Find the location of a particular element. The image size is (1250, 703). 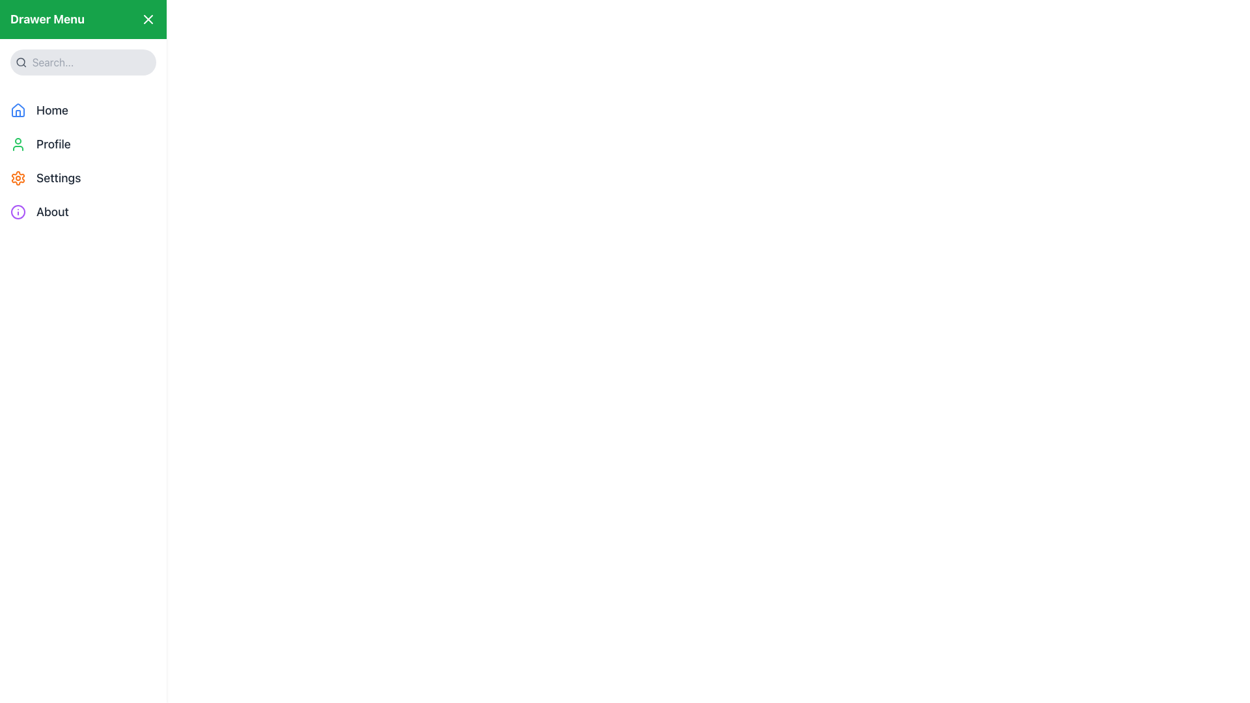

the purple circular icon located next to the 'About' menu item in the vertical menu layout is located at coordinates (18, 212).